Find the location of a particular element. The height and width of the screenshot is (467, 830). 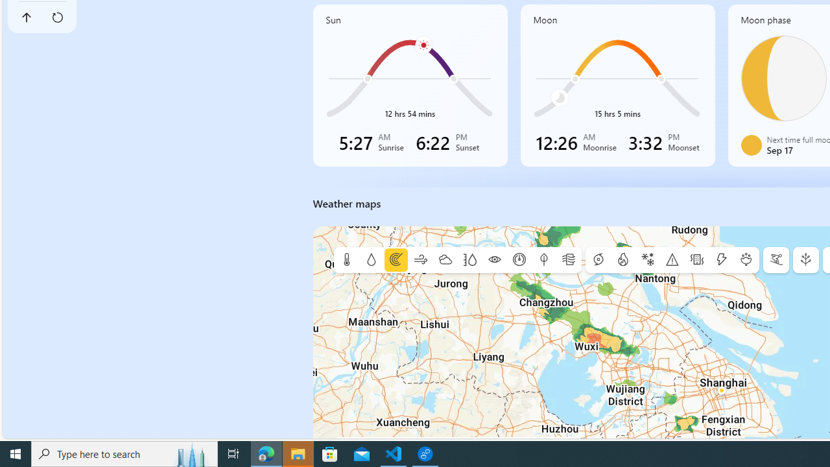

'Severe weather' is located at coordinates (672, 260).